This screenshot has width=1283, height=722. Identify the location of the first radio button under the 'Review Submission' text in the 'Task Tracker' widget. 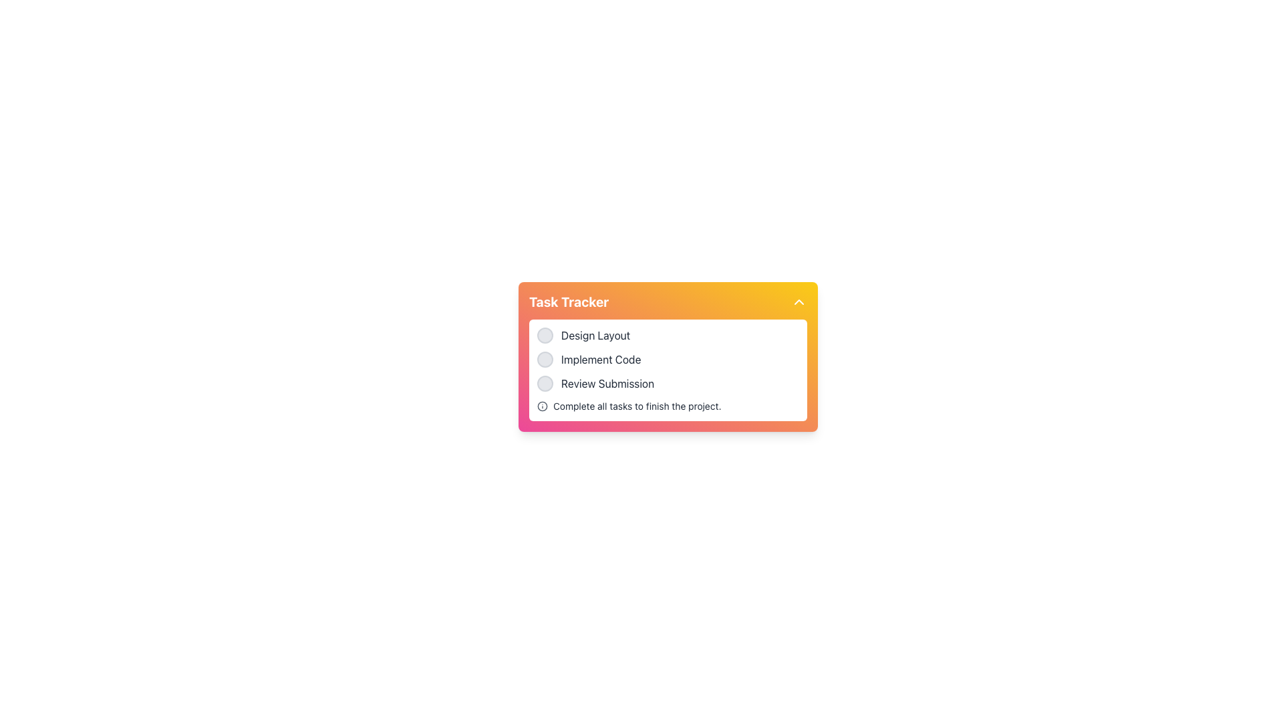
(545, 384).